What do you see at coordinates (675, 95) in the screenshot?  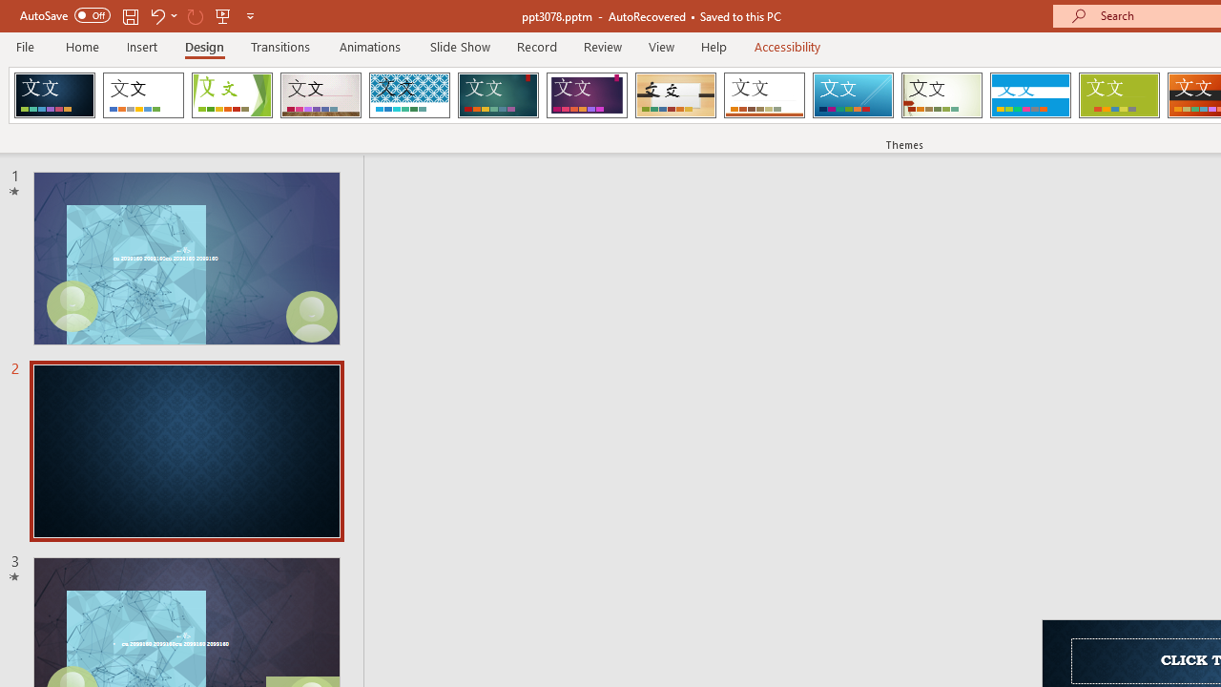 I see `'Organic'` at bounding box center [675, 95].